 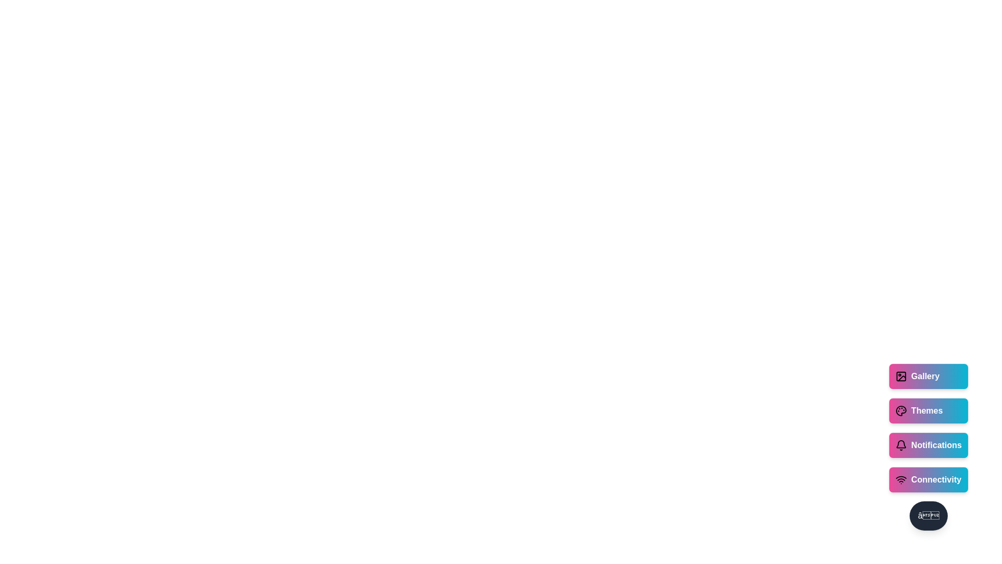 What do you see at coordinates (901, 445) in the screenshot?
I see `the notifications icon located in the rightmost column of the interface, positioned at the third spot from the top in the vertical menu` at bounding box center [901, 445].